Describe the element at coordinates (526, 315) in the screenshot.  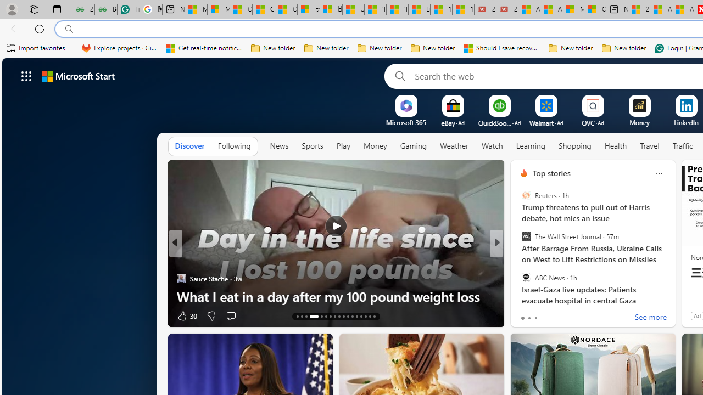
I see `'275 Like'` at that location.